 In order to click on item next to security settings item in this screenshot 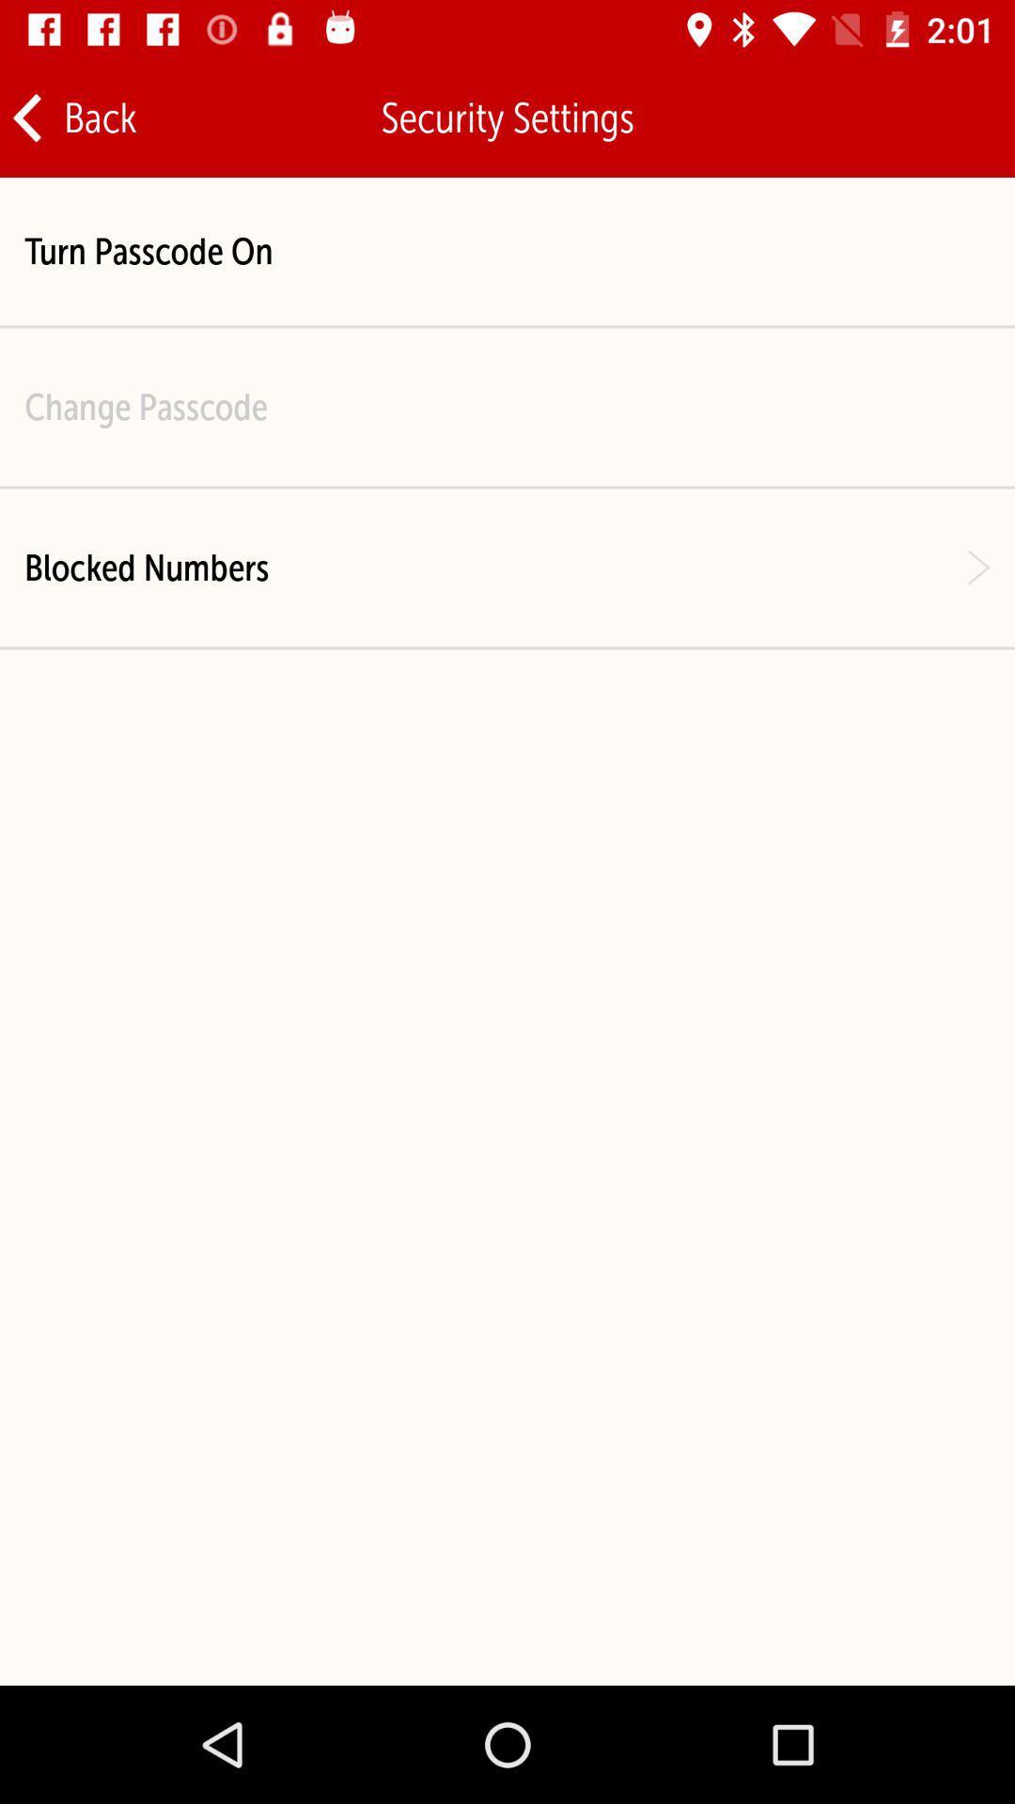, I will do `click(941, 117)`.